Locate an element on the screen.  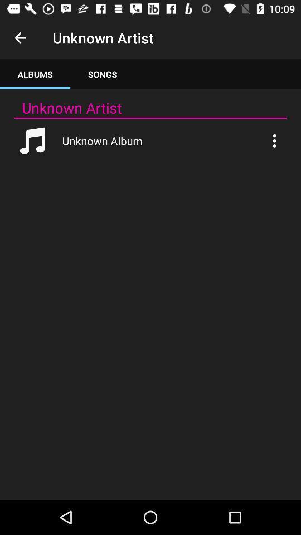
the item above unknown artist icon is located at coordinates (35, 74).